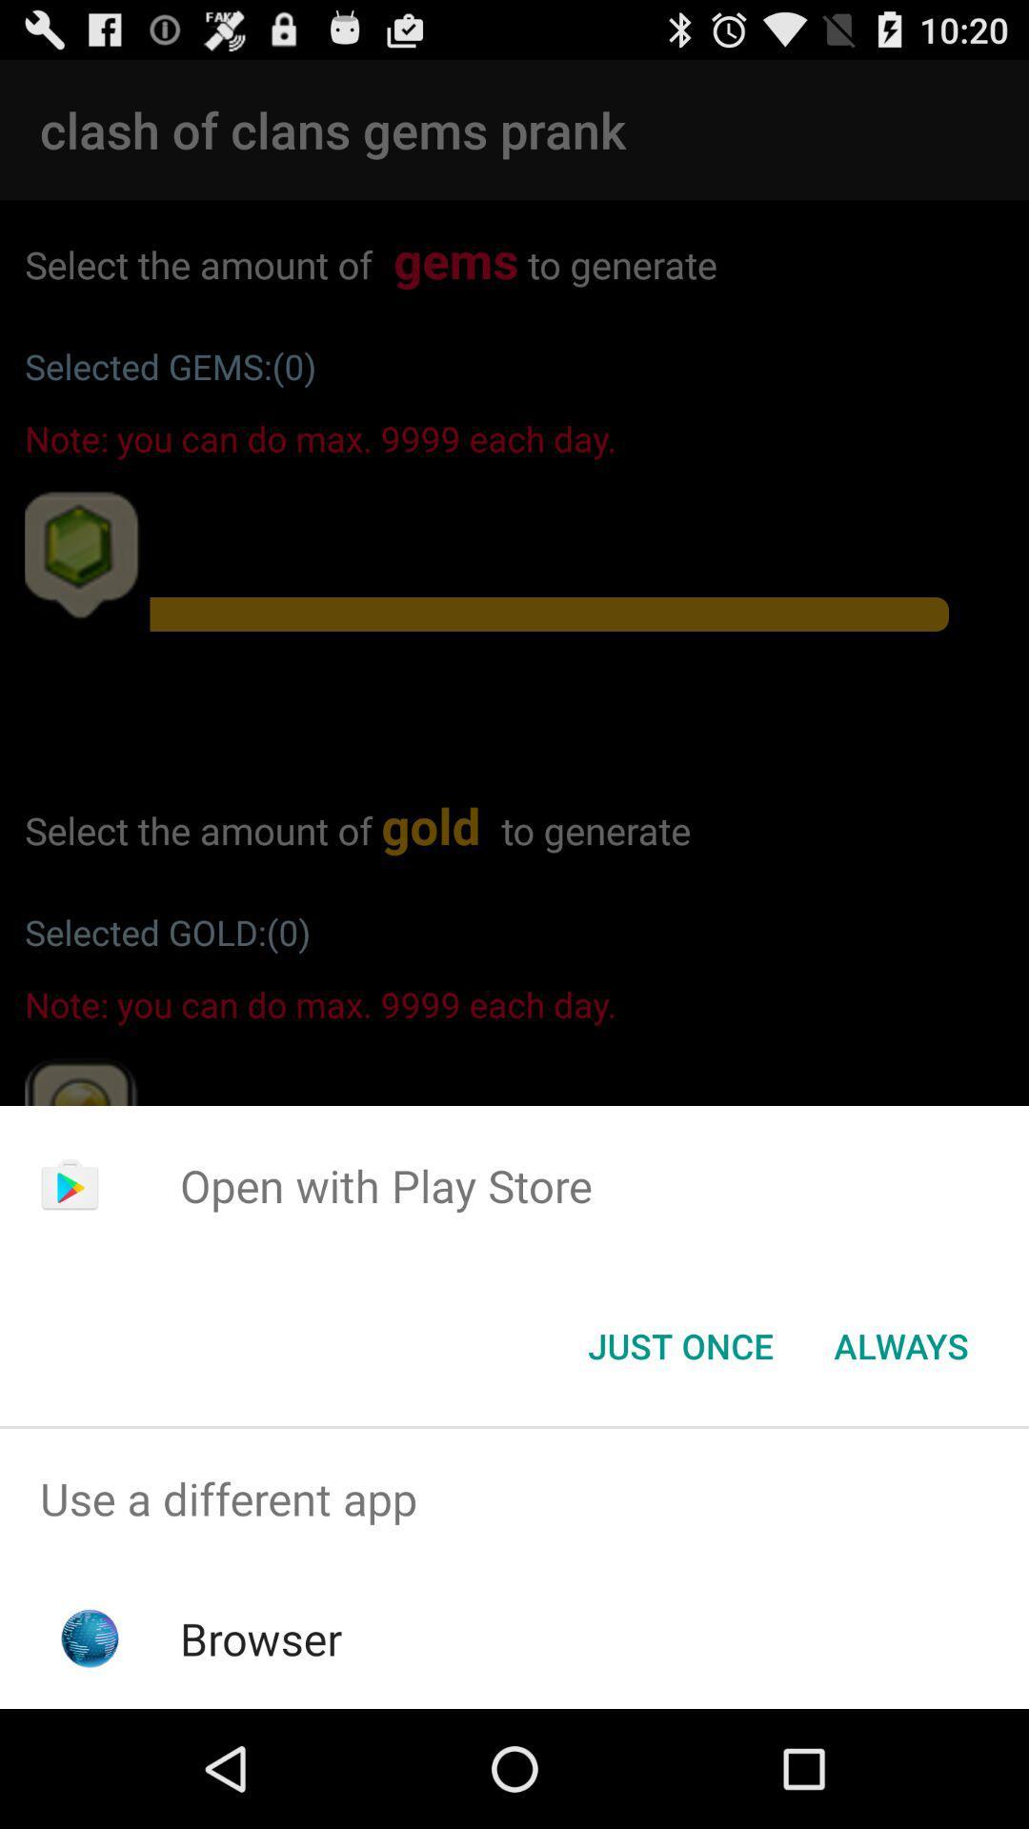 This screenshot has height=1829, width=1029. I want to click on always at the bottom right corner, so click(900, 1344).